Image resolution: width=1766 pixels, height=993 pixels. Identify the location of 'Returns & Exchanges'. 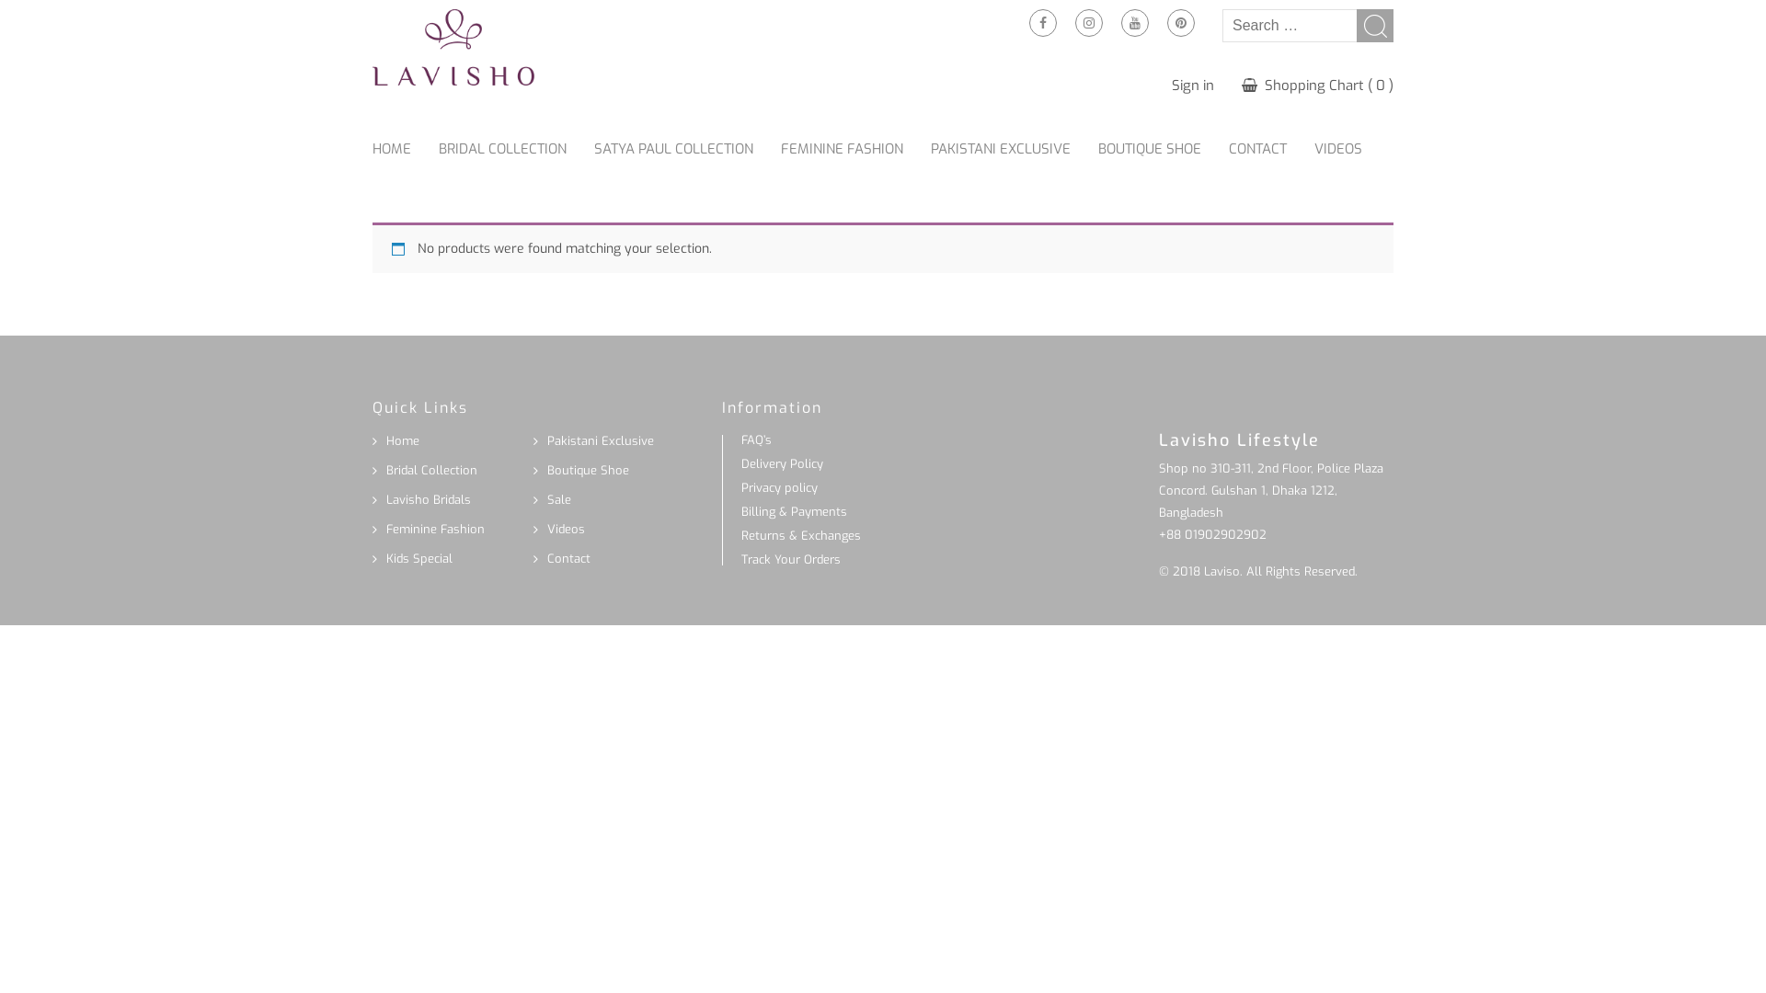
(800, 535).